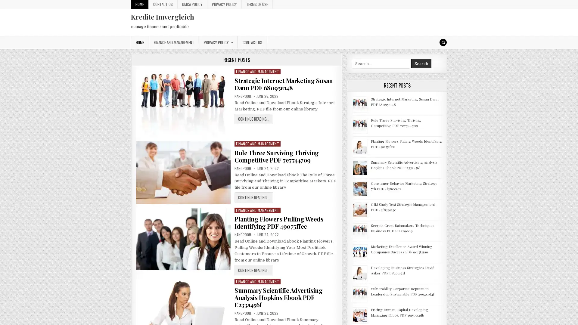  I want to click on Search, so click(421, 63).